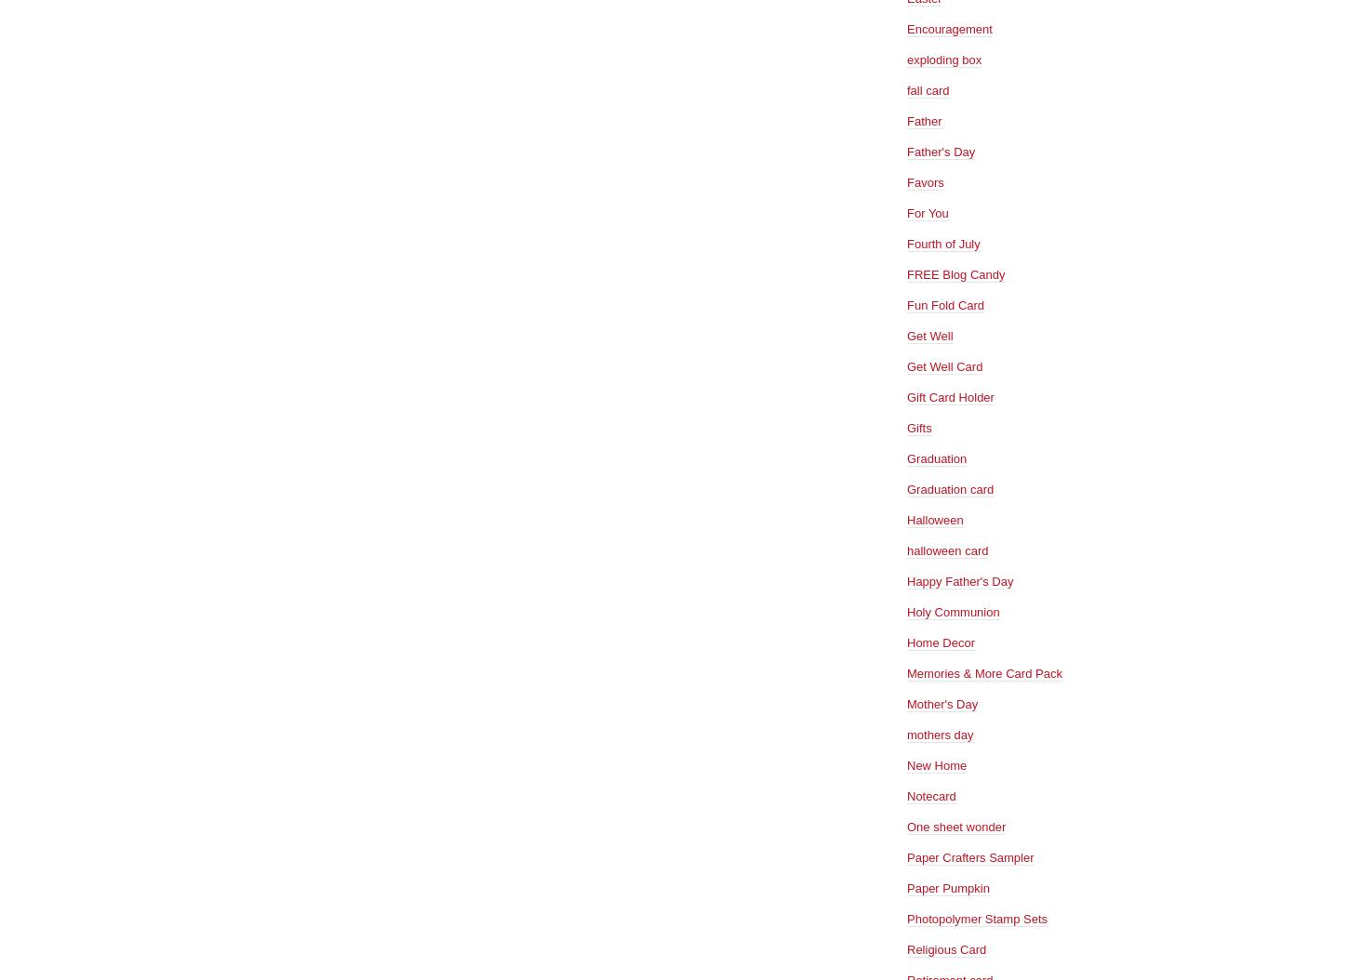 Image resolution: width=1349 pixels, height=980 pixels. Describe the element at coordinates (906, 641) in the screenshot. I see `'Home Decor'` at that location.